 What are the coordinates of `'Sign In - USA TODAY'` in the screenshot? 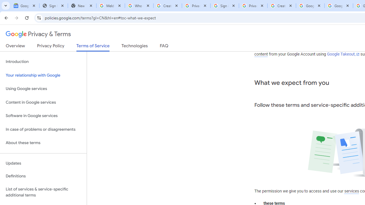 It's located at (54, 6).